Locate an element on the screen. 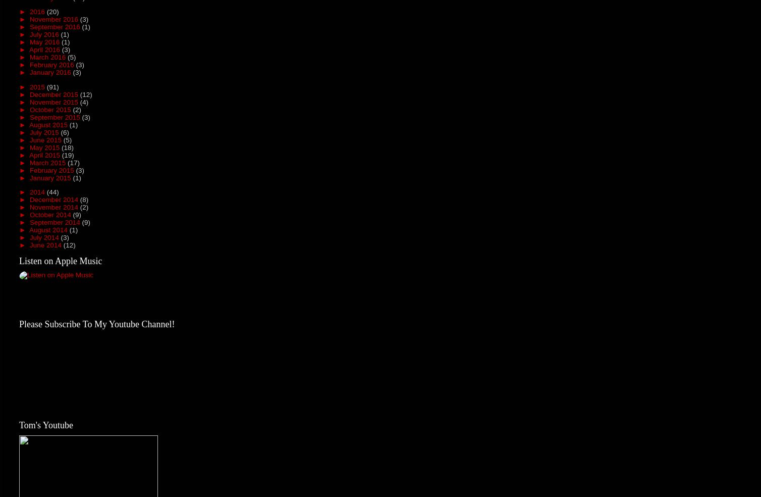 The width and height of the screenshot is (761, 497). '(19)' is located at coordinates (68, 154).